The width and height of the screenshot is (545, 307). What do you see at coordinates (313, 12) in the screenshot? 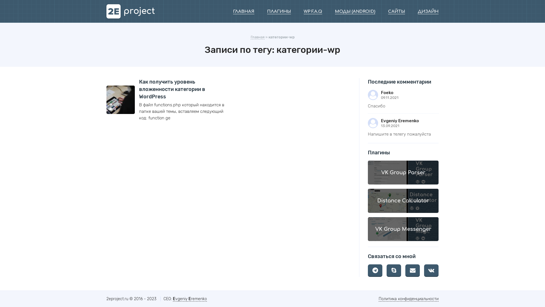
I see `'WP F.A.Q'` at bounding box center [313, 12].